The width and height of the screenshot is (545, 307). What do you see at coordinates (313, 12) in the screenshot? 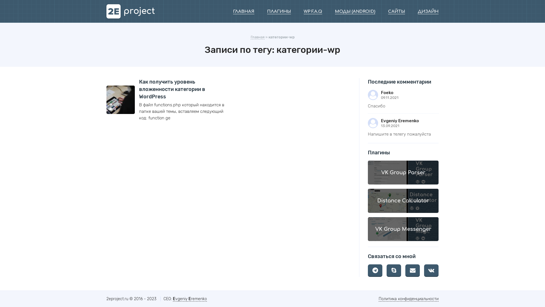
I see `'WP F.A.Q'` at bounding box center [313, 12].